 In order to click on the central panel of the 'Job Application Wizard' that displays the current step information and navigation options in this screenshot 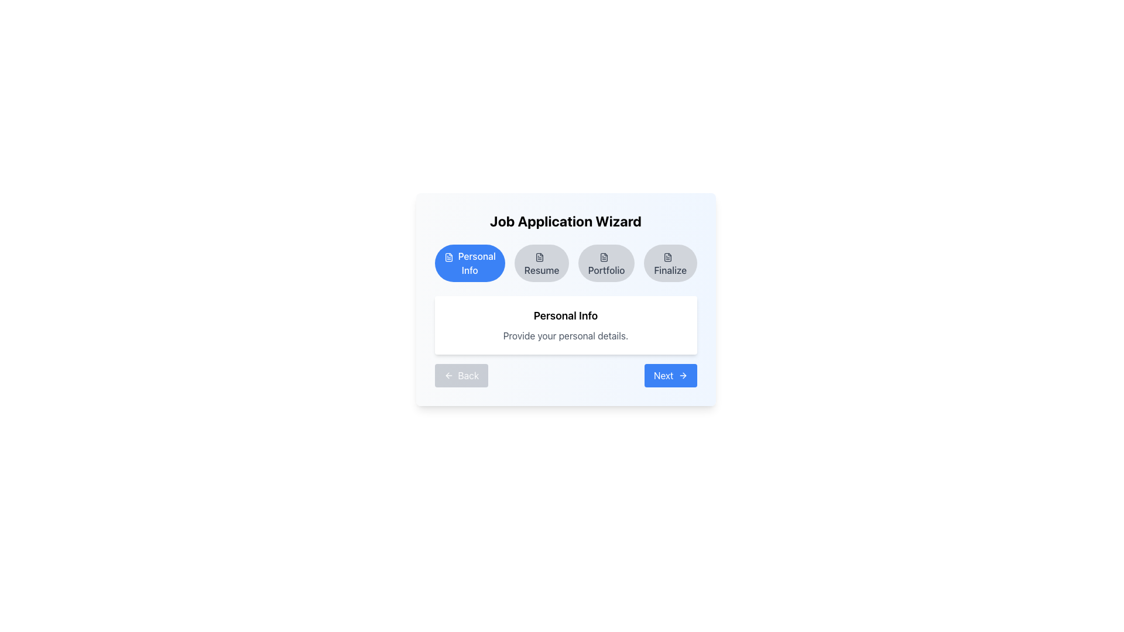, I will do `click(566, 299)`.